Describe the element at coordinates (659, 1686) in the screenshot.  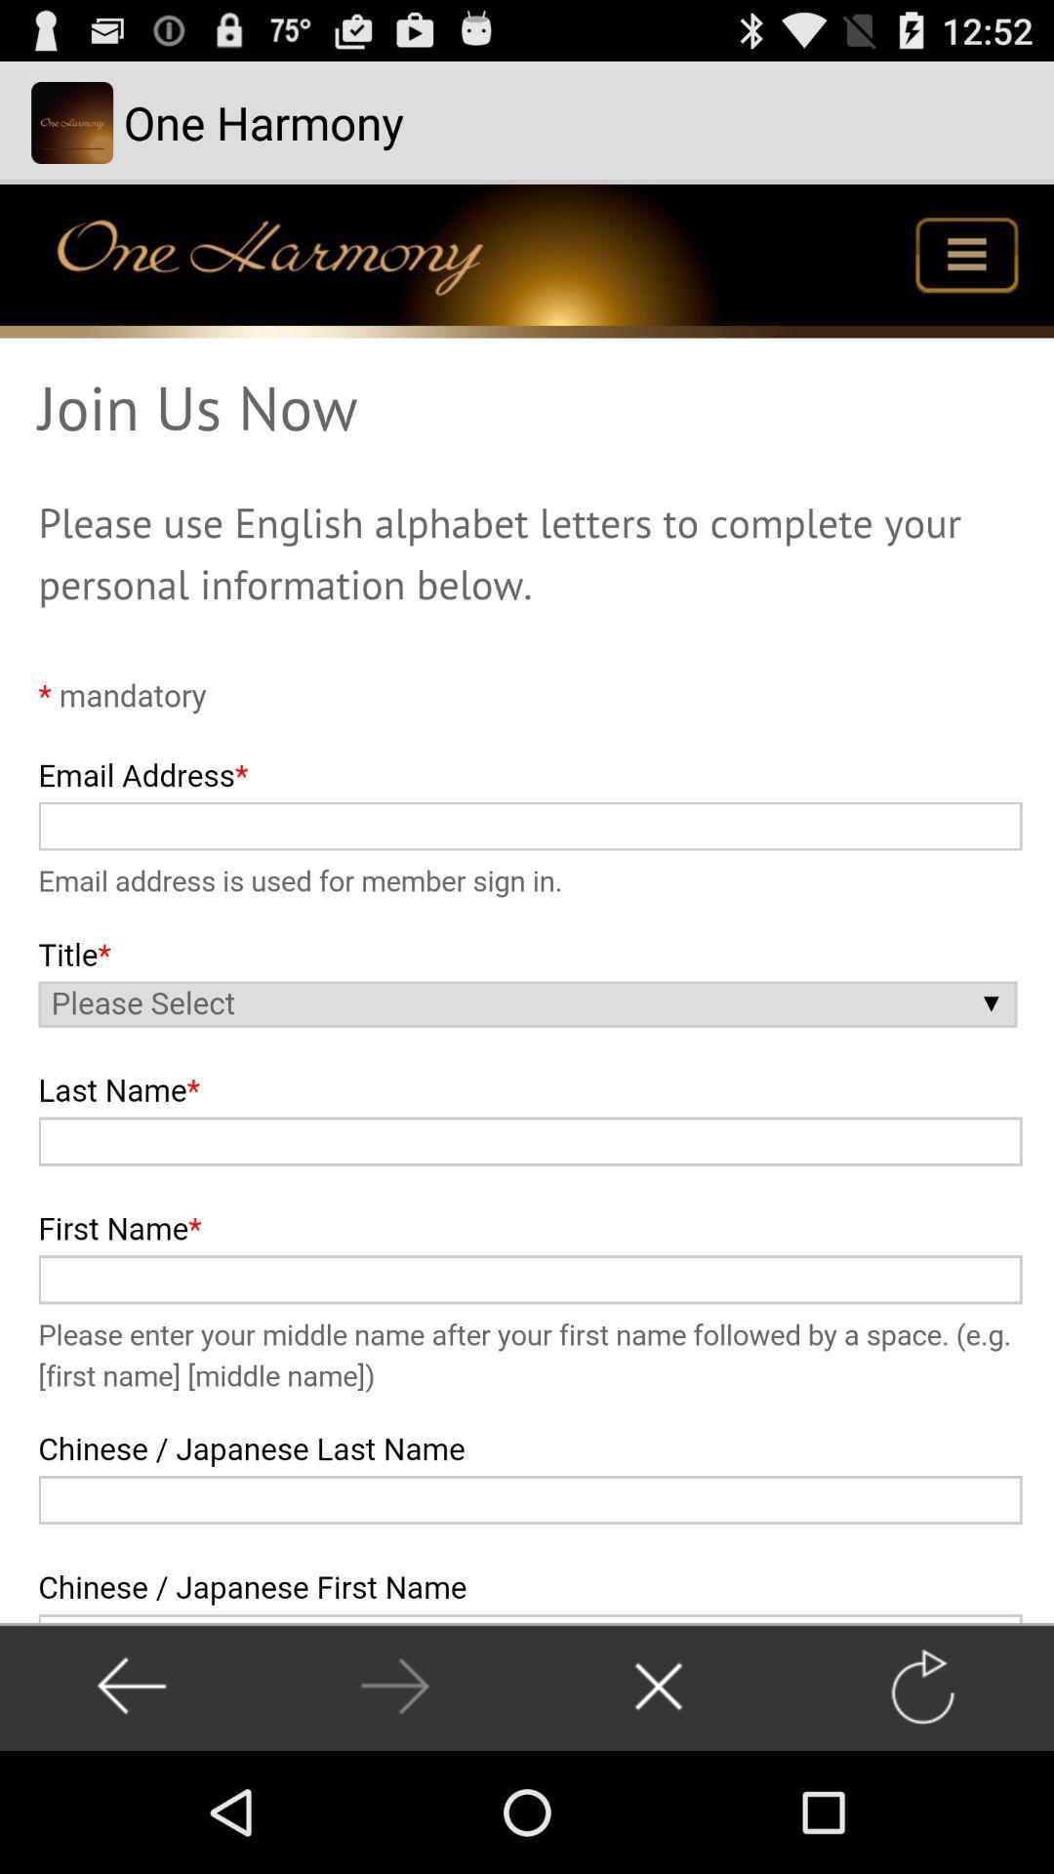
I see `cancel` at that location.